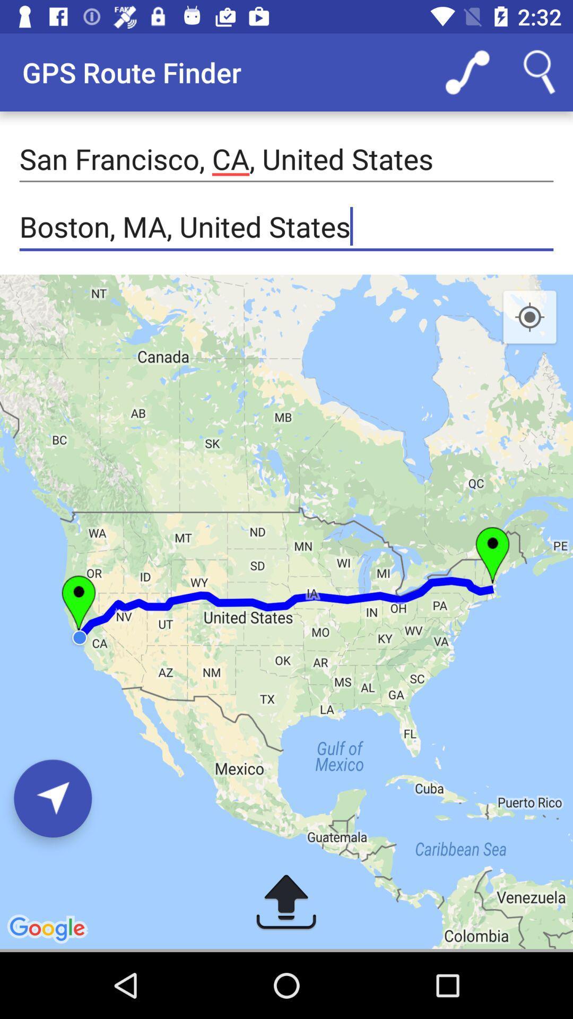 Image resolution: width=573 pixels, height=1019 pixels. Describe the element at coordinates (53, 798) in the screenshot. I see `the navigation icon` at that location.